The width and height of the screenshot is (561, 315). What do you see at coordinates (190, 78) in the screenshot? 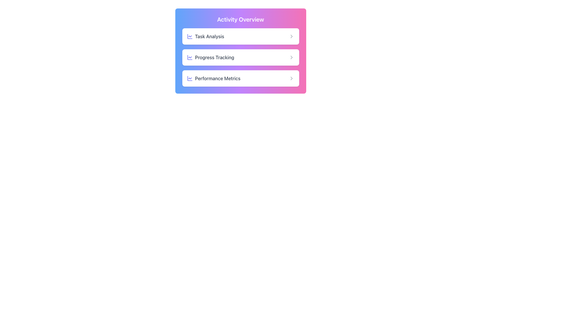
I see `the performance metrics icon located on the left side of the 'Performance Metrics' entry within the 'Activity Overview' section` at bounding box center [190, 78].